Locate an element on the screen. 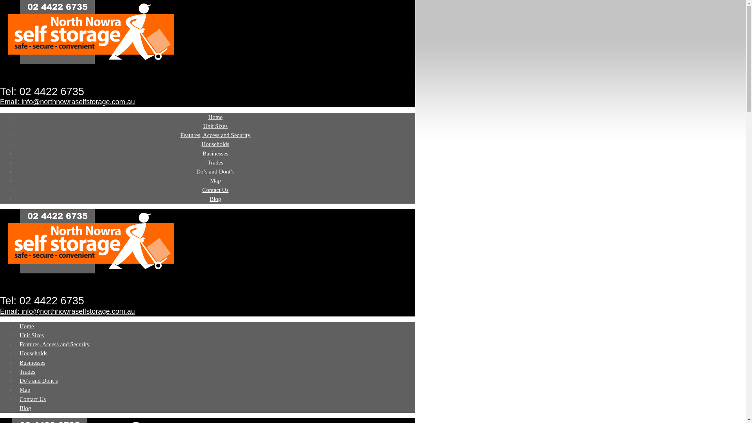 The image size is (752, 423). 'Businesses' is located at coordinates (32, 362).